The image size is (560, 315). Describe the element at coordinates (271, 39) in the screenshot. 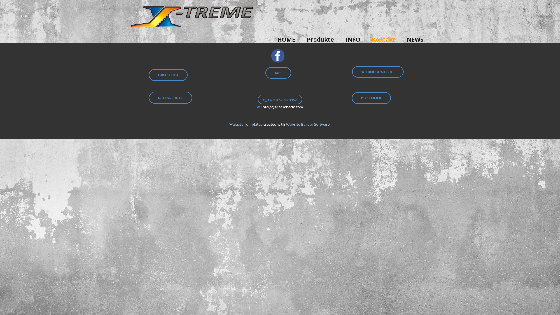

I see `'HOME'` at that location.